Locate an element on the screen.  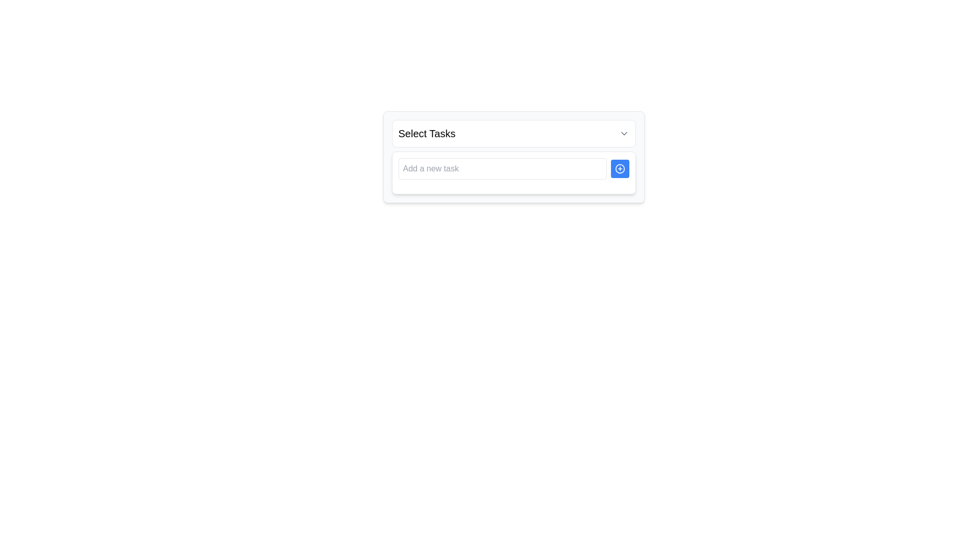
the dropdown trigger button labeled 'Select Tasks' is located at coordinates (513, 133).